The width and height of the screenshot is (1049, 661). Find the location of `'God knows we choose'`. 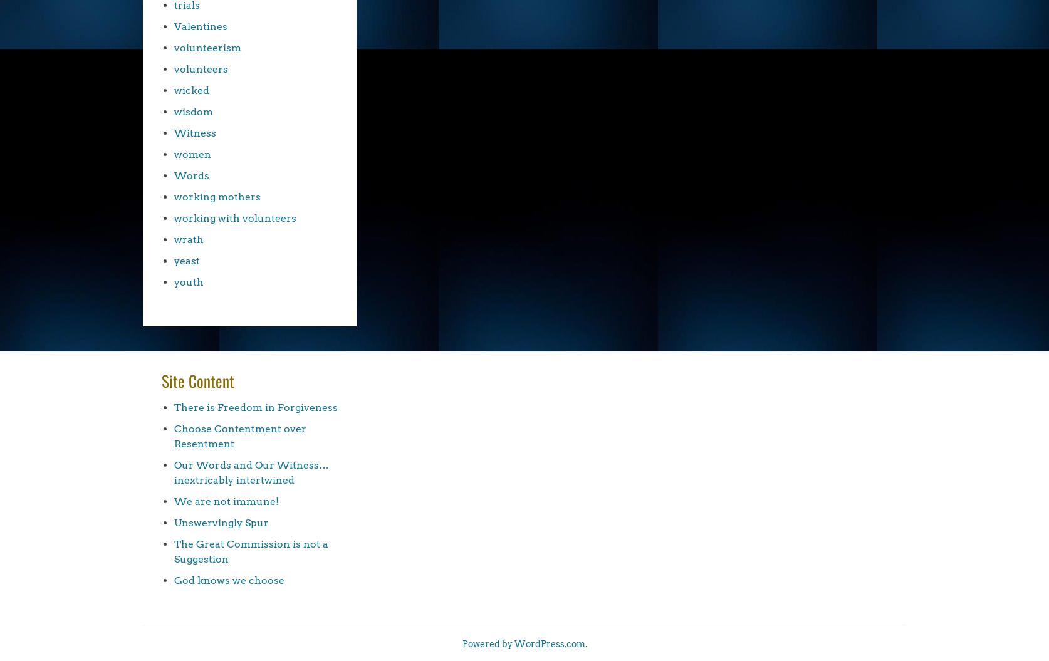

'God knows we choose' is located at coordinates (229, 580).